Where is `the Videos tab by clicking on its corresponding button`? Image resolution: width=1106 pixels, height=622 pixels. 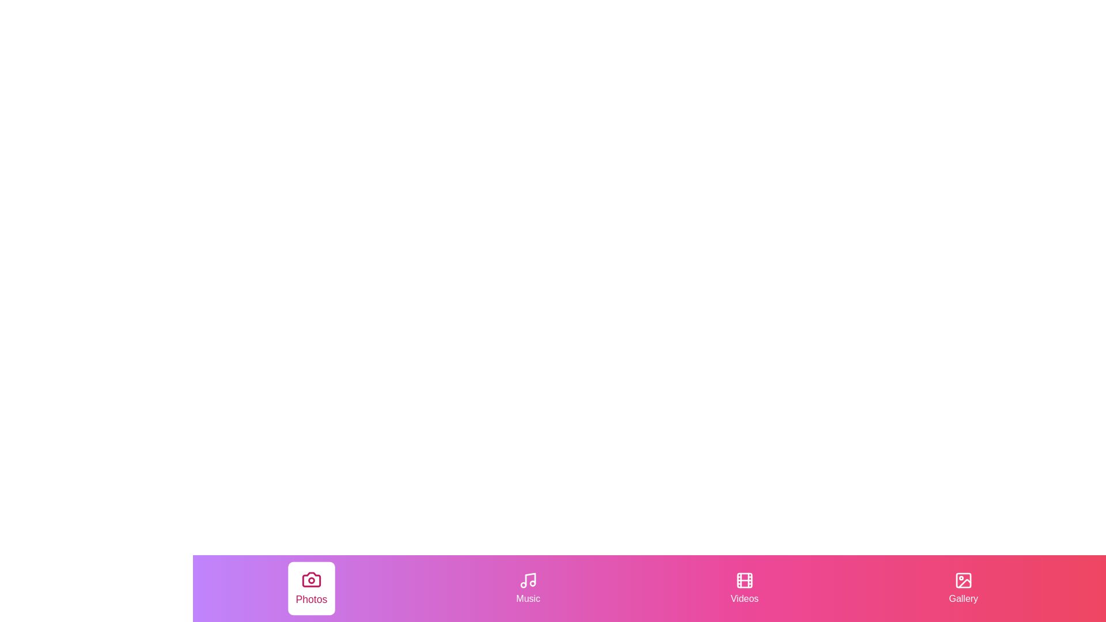 the Videos tab by clicking on its corresponding button is located at coordinates (744, 589).